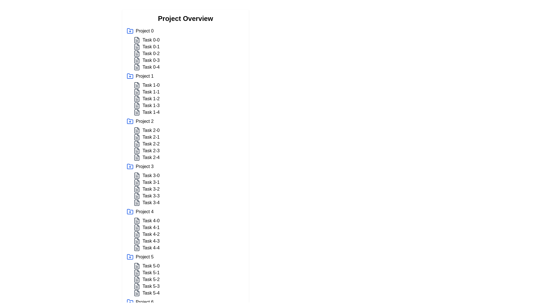  Describe the element at coordinates (137, 280) in the screenshot. I see `the SVG graphic component representing the document icon located under 'Task 5-2' in the list` at that location.